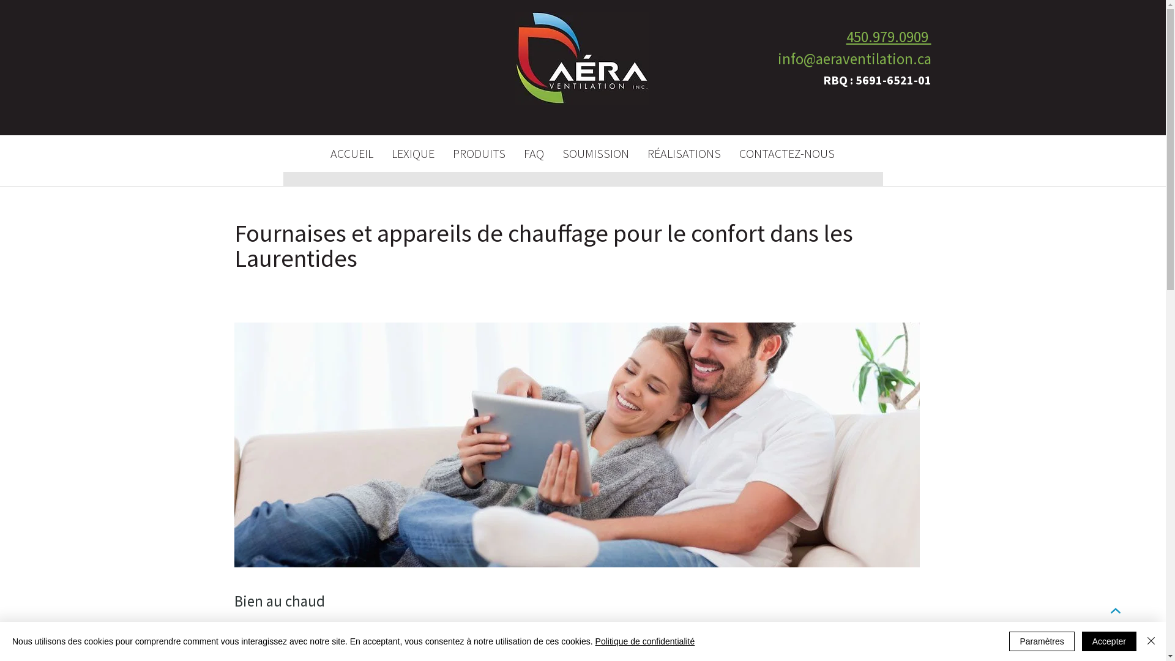 This screenshot has width=1175, height=661. I want to click on 'LEXIQUE', so click(381, 152).